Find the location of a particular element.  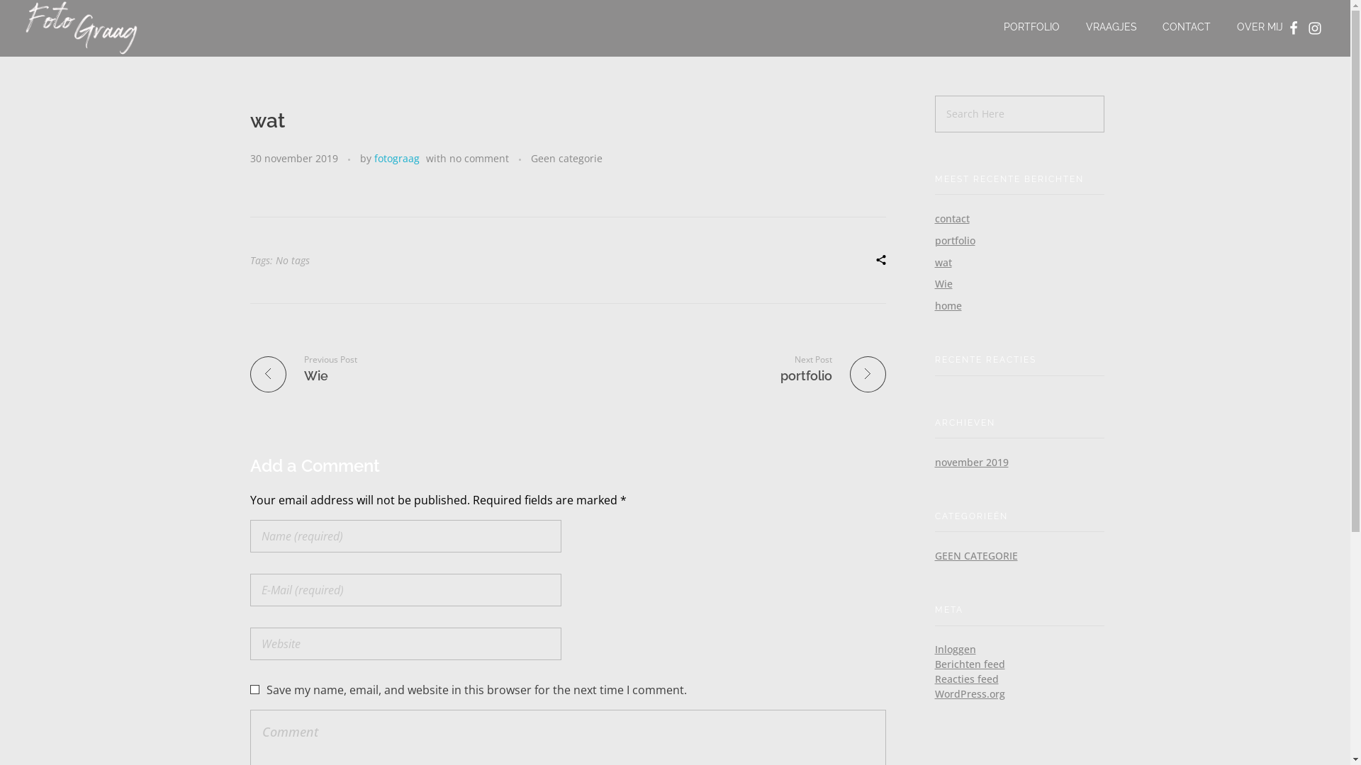

'Next Post is located at coordinates (578, 368).